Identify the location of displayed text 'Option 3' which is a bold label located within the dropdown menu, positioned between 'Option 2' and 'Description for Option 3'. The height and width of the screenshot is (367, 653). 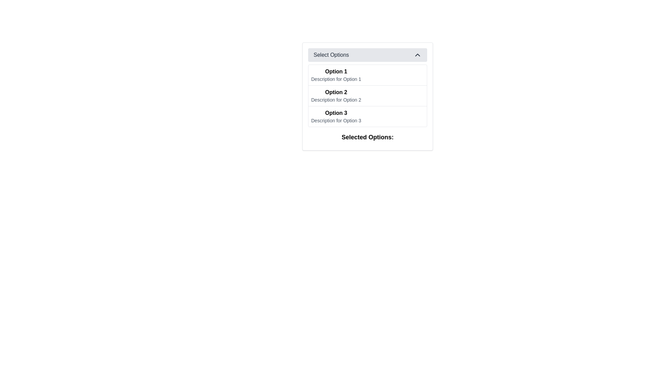
(336, 112).